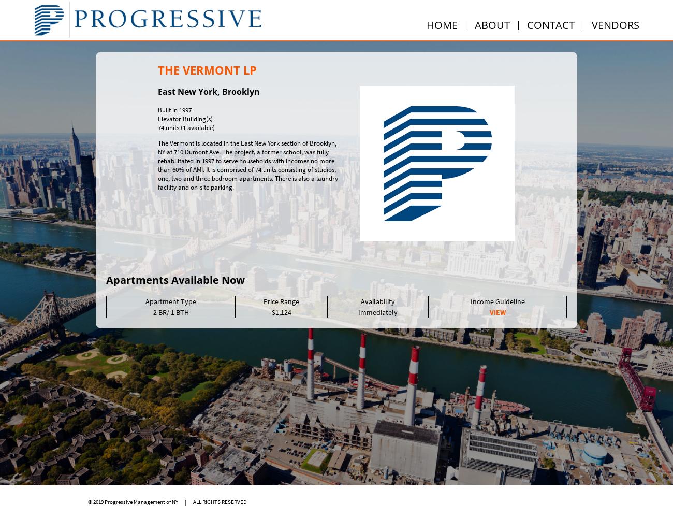 Image resolution: width=673 pixels, height=518 pixels. What do you see at coordinates (281, 312) in the screenshot?
I see `'$1,124'` at bounding box center [281, 312].